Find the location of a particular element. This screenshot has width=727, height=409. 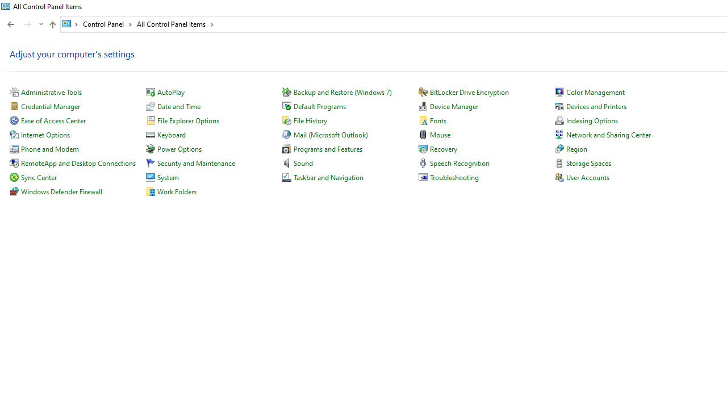

'User Accounts' is located at coordinates (587, 177).